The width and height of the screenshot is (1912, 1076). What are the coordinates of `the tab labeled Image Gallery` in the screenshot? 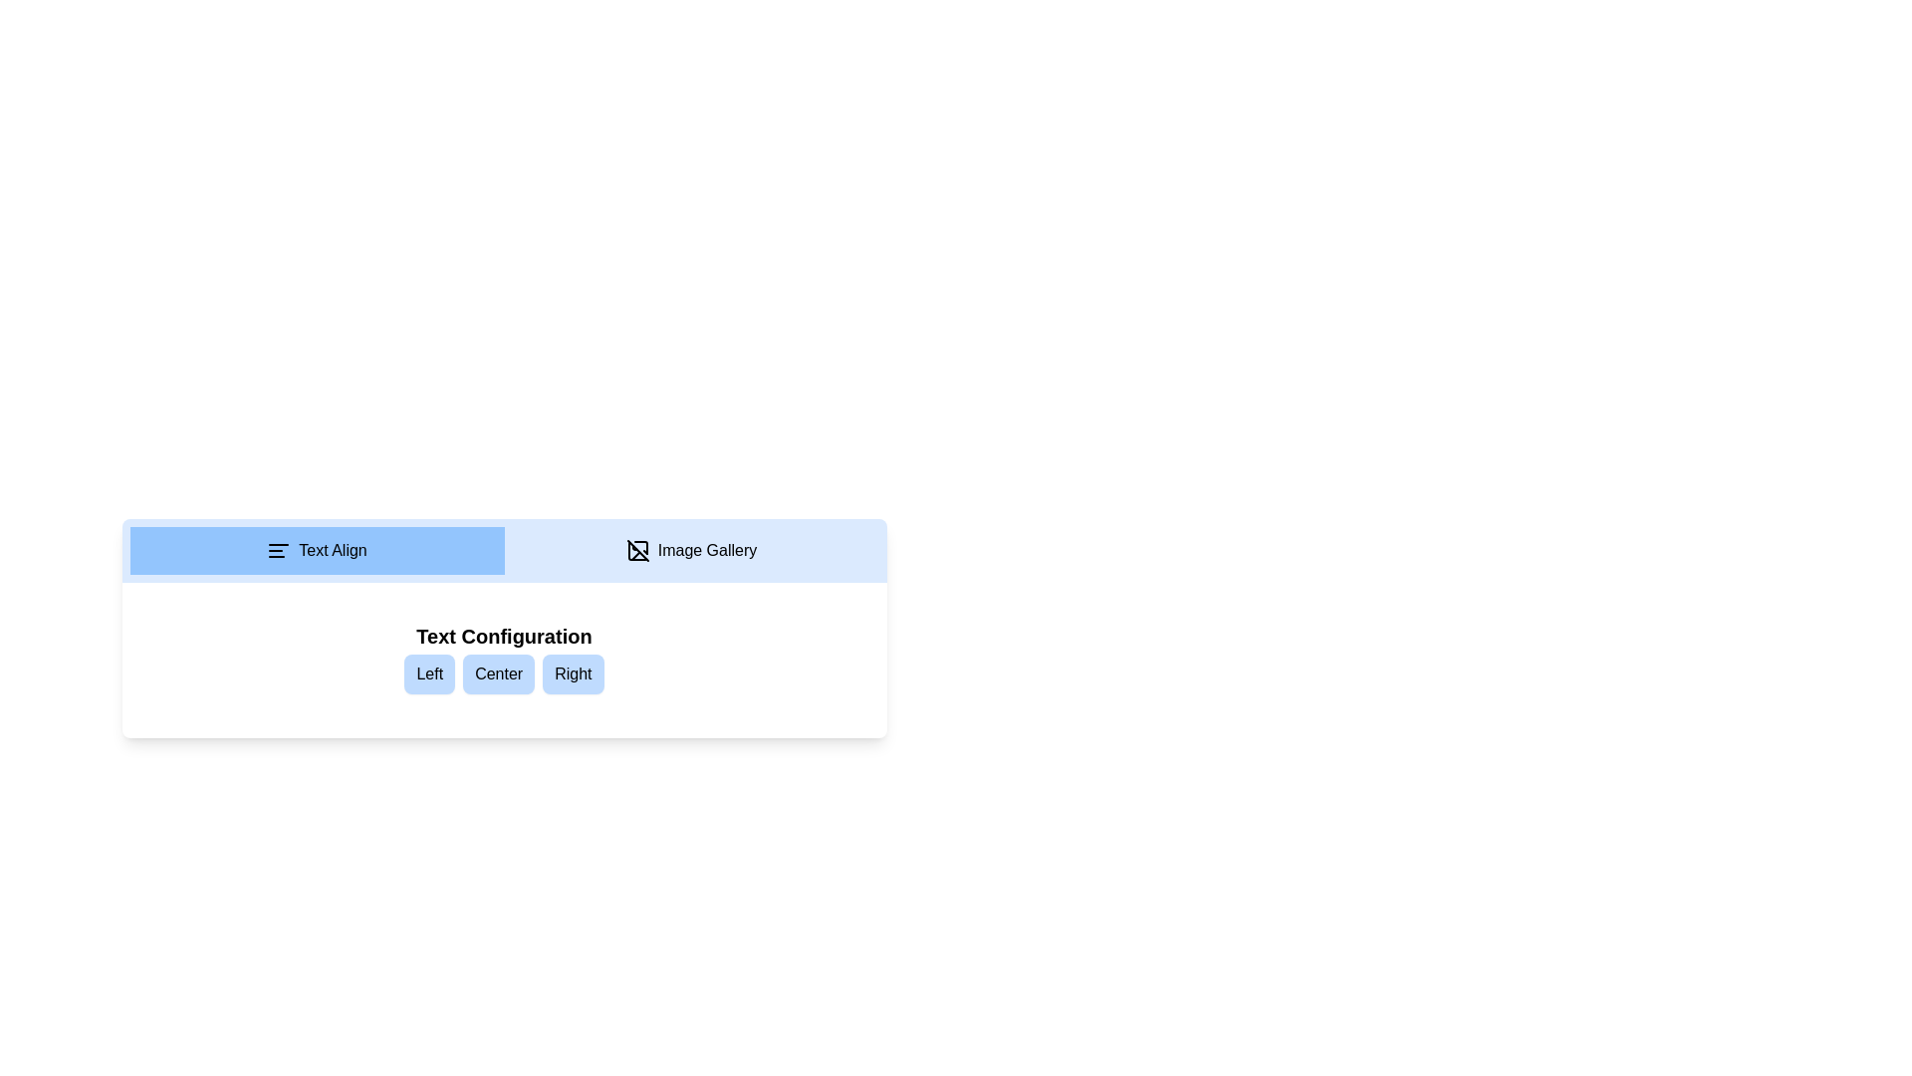 It's located at (691, 550).